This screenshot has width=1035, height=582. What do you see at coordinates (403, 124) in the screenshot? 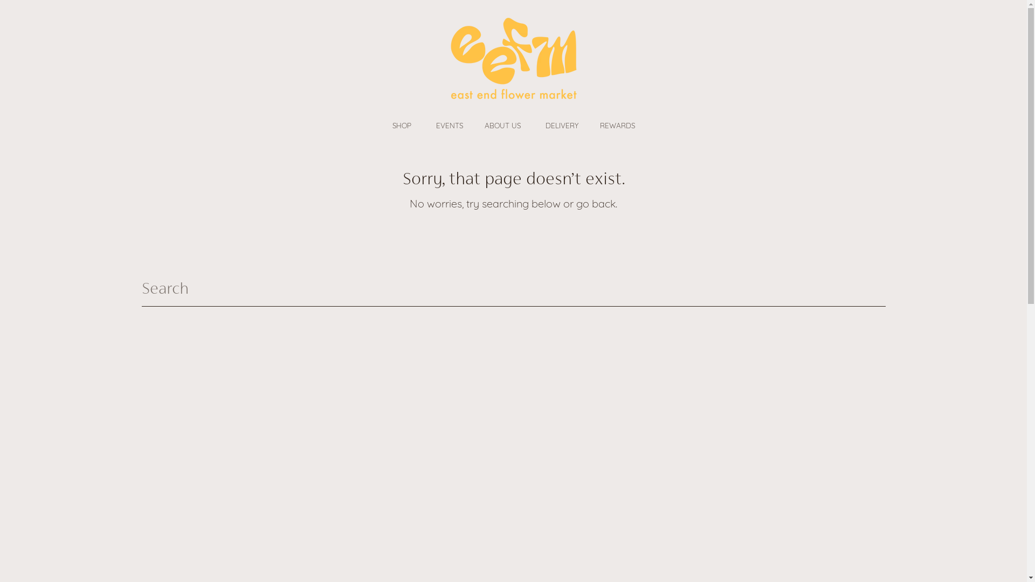
I see `'SHOP'` at bounding box center [403, 124].